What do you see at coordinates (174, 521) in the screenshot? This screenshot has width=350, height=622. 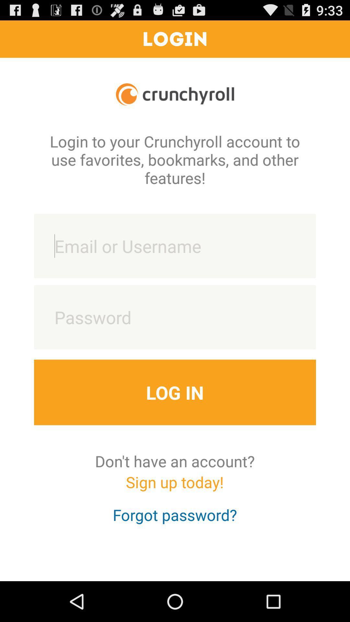 I see `the forgot password? icon` at bounding box center [174, 521].